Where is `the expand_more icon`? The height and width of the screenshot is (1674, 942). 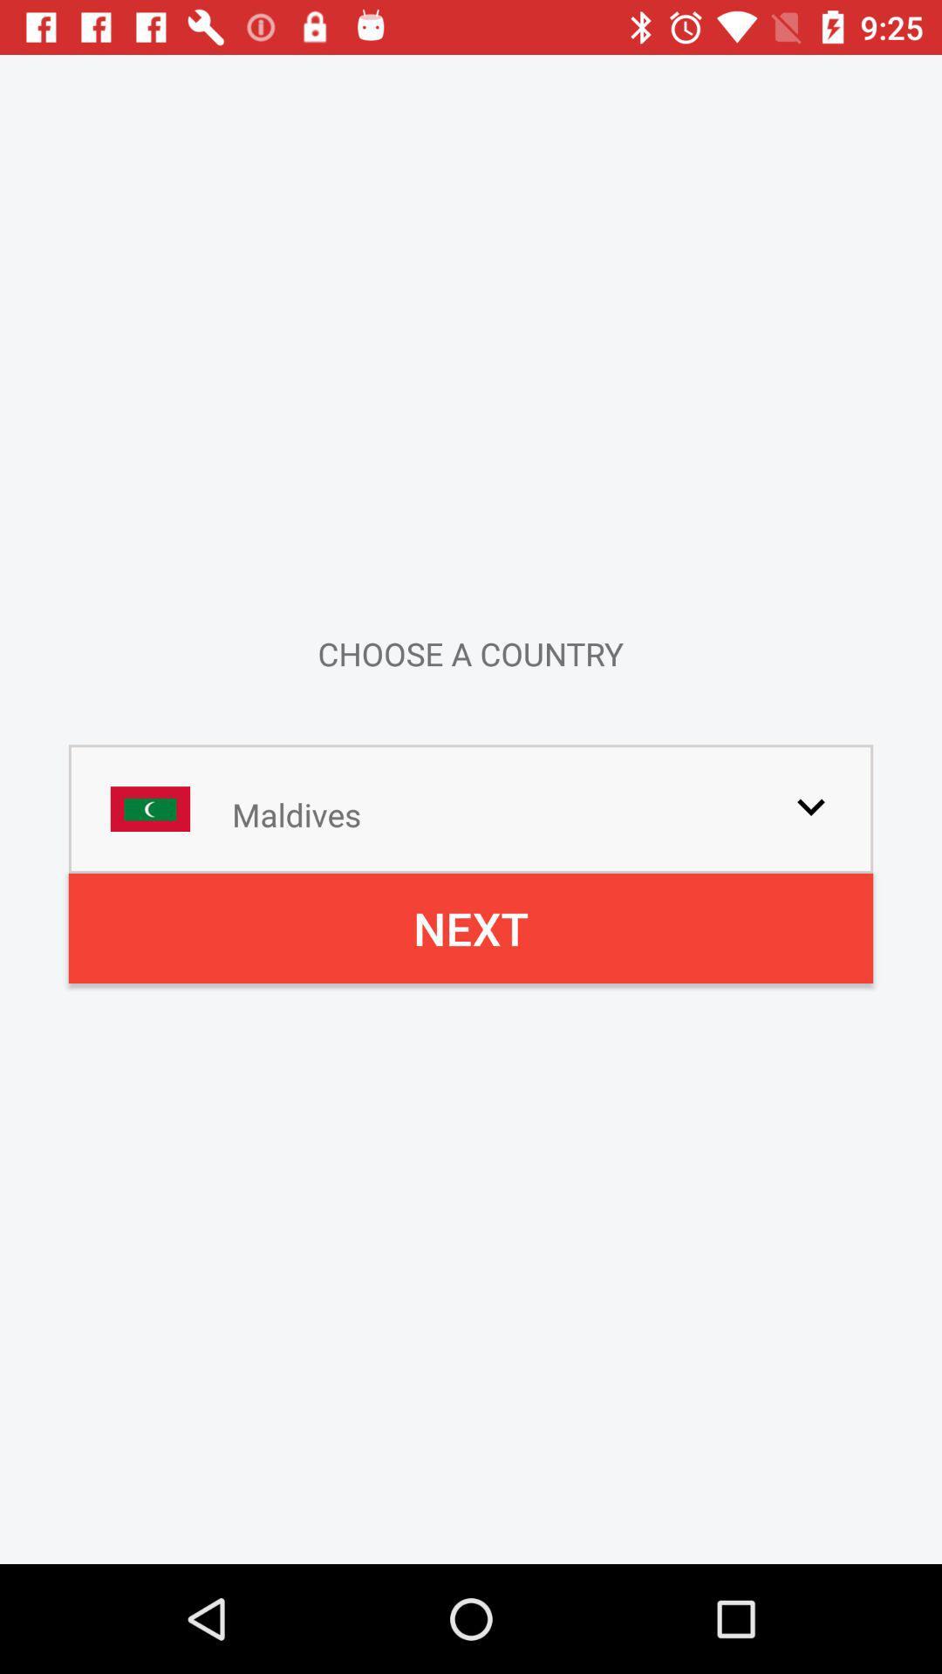 the expand_more icon is located at coordinates (810, 806).